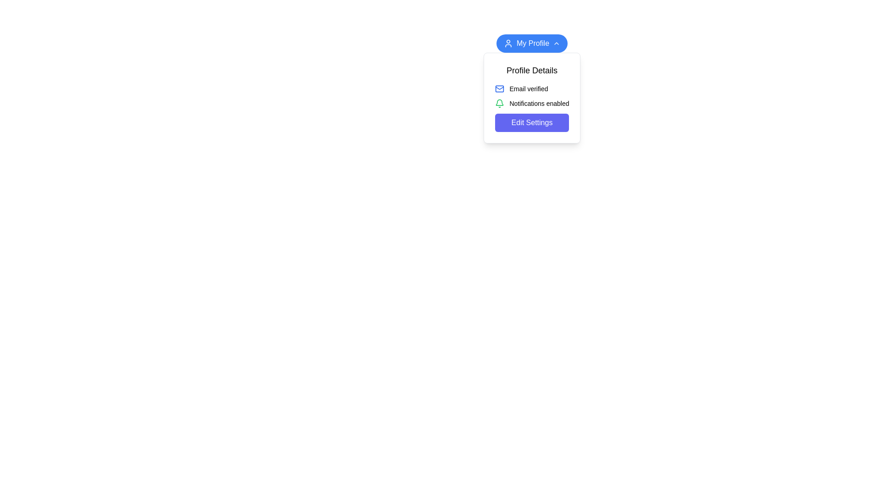 The width and height of the screenshot is (881, 495). Describe the element at coordinates (499, 88) in the screenshot. I see `the email verification status icon, which is a graphical mail-shaped icon located next to the text 'Email verified' in the 'Profile Details' popup below the 'My Profile' button` at that location.